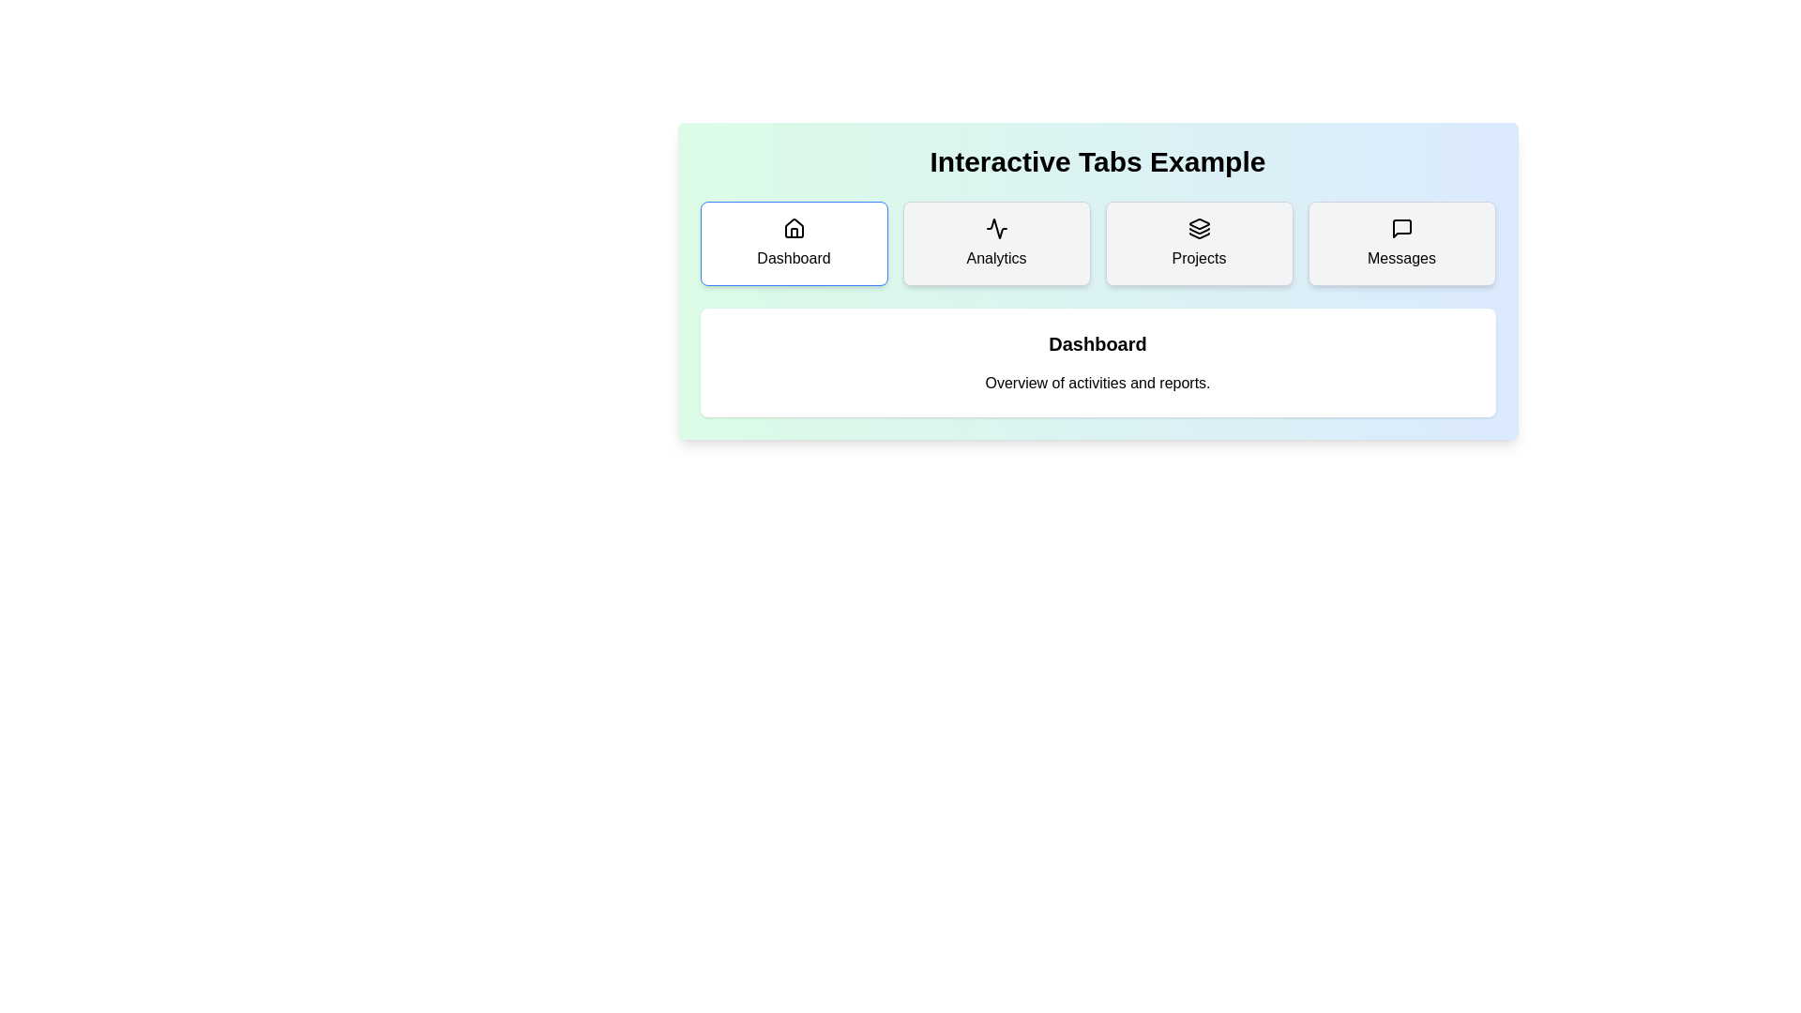 The height and width of the screenshot is (1013, 1801). Describe the element at coordinates (995, 242) in the screenshot. I see `the Analytics tab by clicking on its button` at that location.